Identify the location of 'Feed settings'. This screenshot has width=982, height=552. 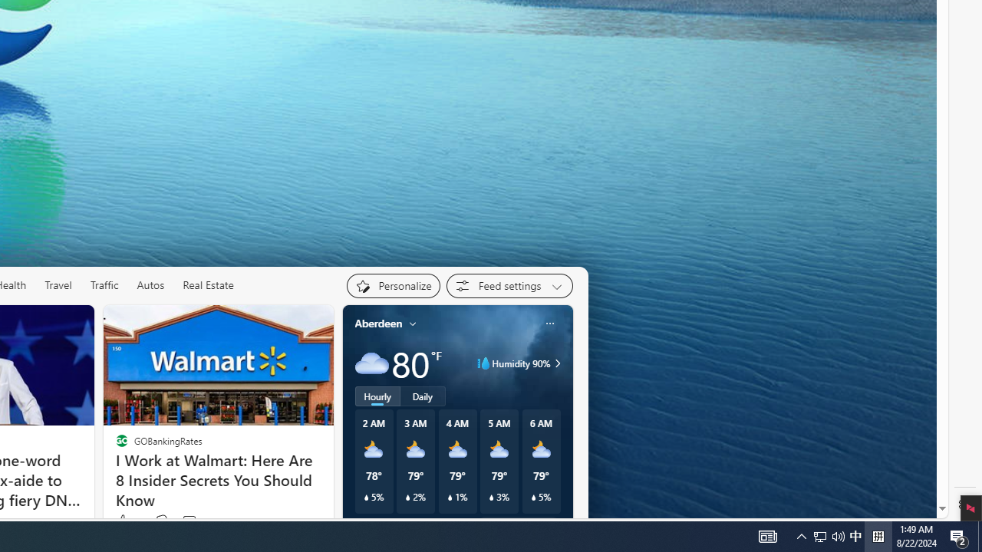
(509, 285).